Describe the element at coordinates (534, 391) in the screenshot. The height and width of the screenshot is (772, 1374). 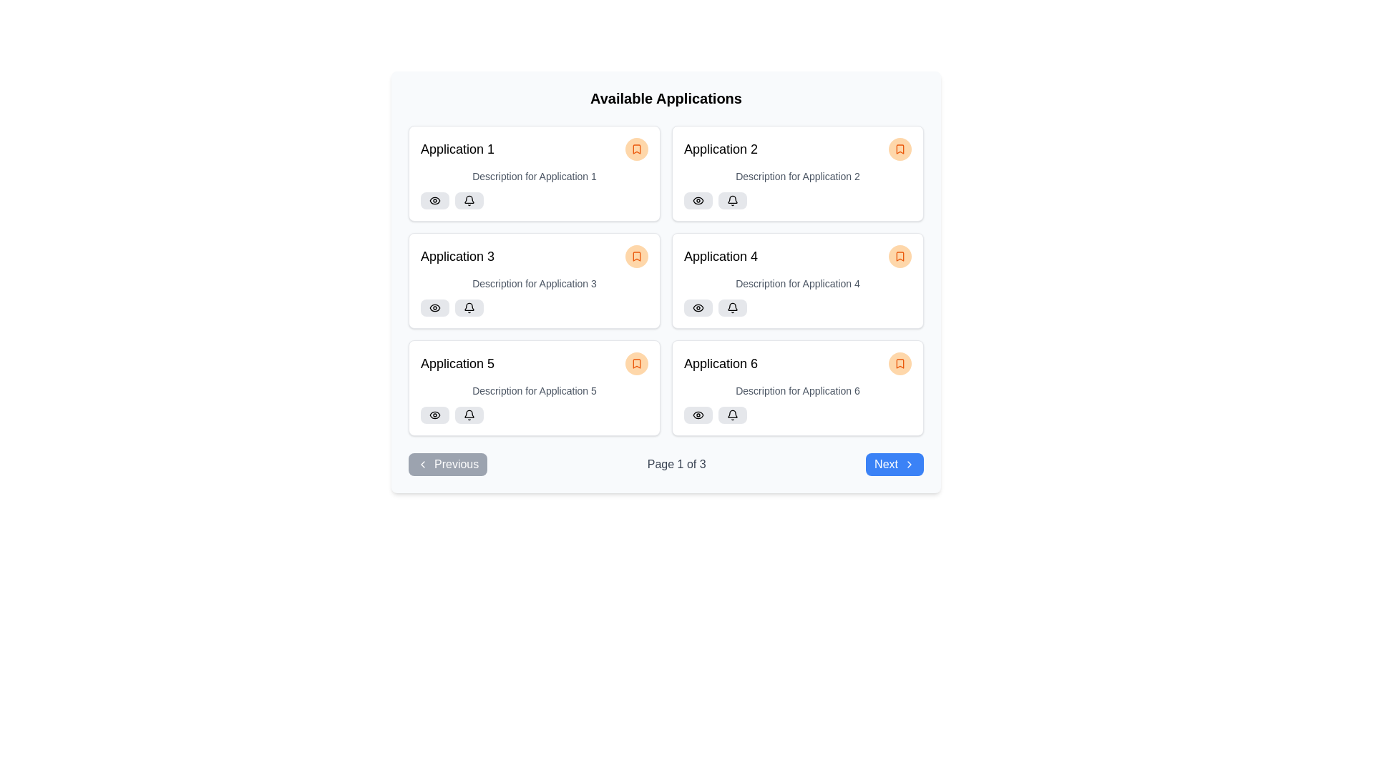
I see `the text label displaying additional descriptive information for 'Application 5', which is located under its title within a rounded, shadowed white card in the bottom left section of the layout` at that location.